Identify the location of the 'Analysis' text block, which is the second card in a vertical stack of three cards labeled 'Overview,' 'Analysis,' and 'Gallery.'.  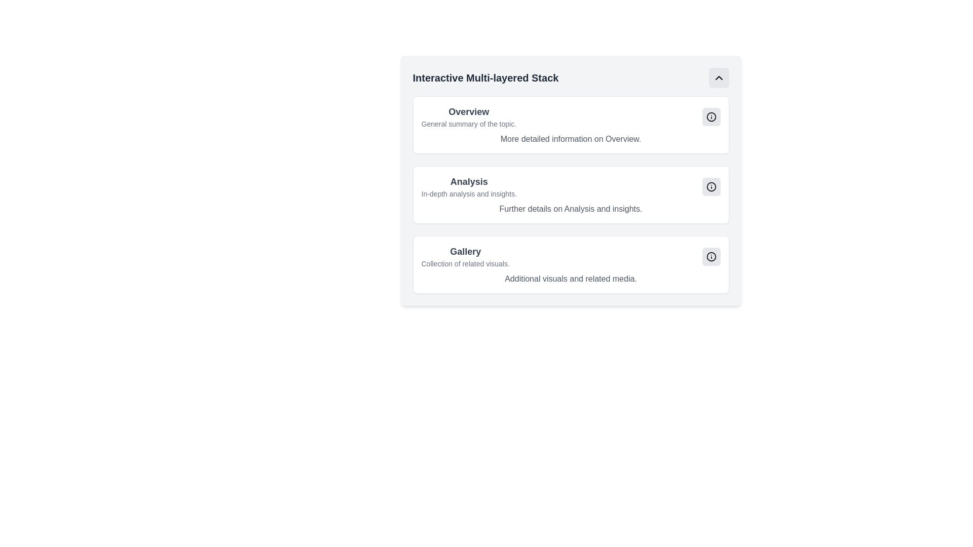
(468, 187).